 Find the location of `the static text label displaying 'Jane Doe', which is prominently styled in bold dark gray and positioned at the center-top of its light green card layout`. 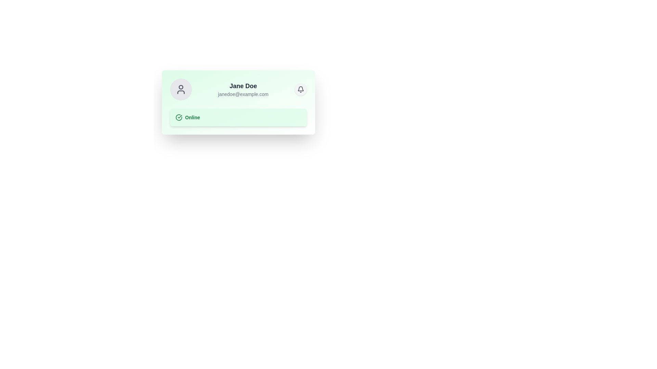

the static text label displaying 'Jane Doe', which is prominently styled in bold dark gray and positioned at the center-top of its light green card layout is located at coordinates (243, 85).